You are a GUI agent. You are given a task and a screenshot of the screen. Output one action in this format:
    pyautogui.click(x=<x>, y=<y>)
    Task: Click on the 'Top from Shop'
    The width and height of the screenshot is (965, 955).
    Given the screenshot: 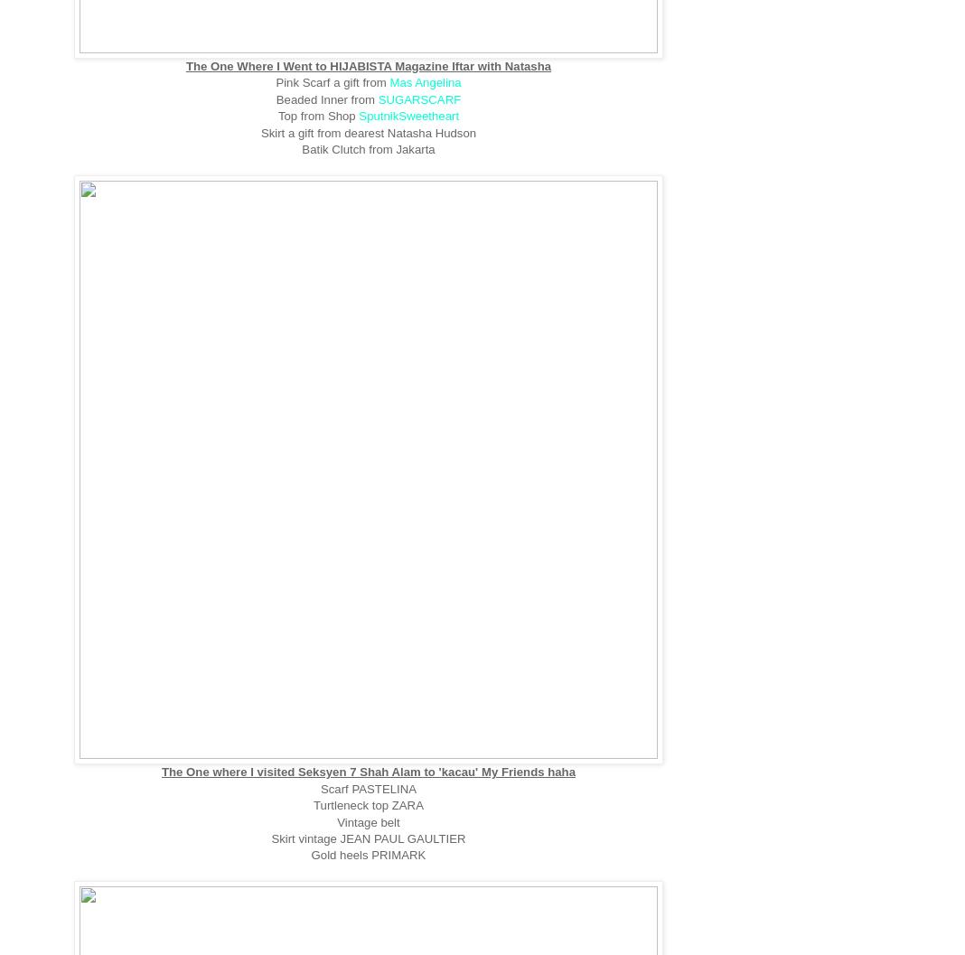 What is the action you would take?
    pyautogui.click(x=317, y=115)
    